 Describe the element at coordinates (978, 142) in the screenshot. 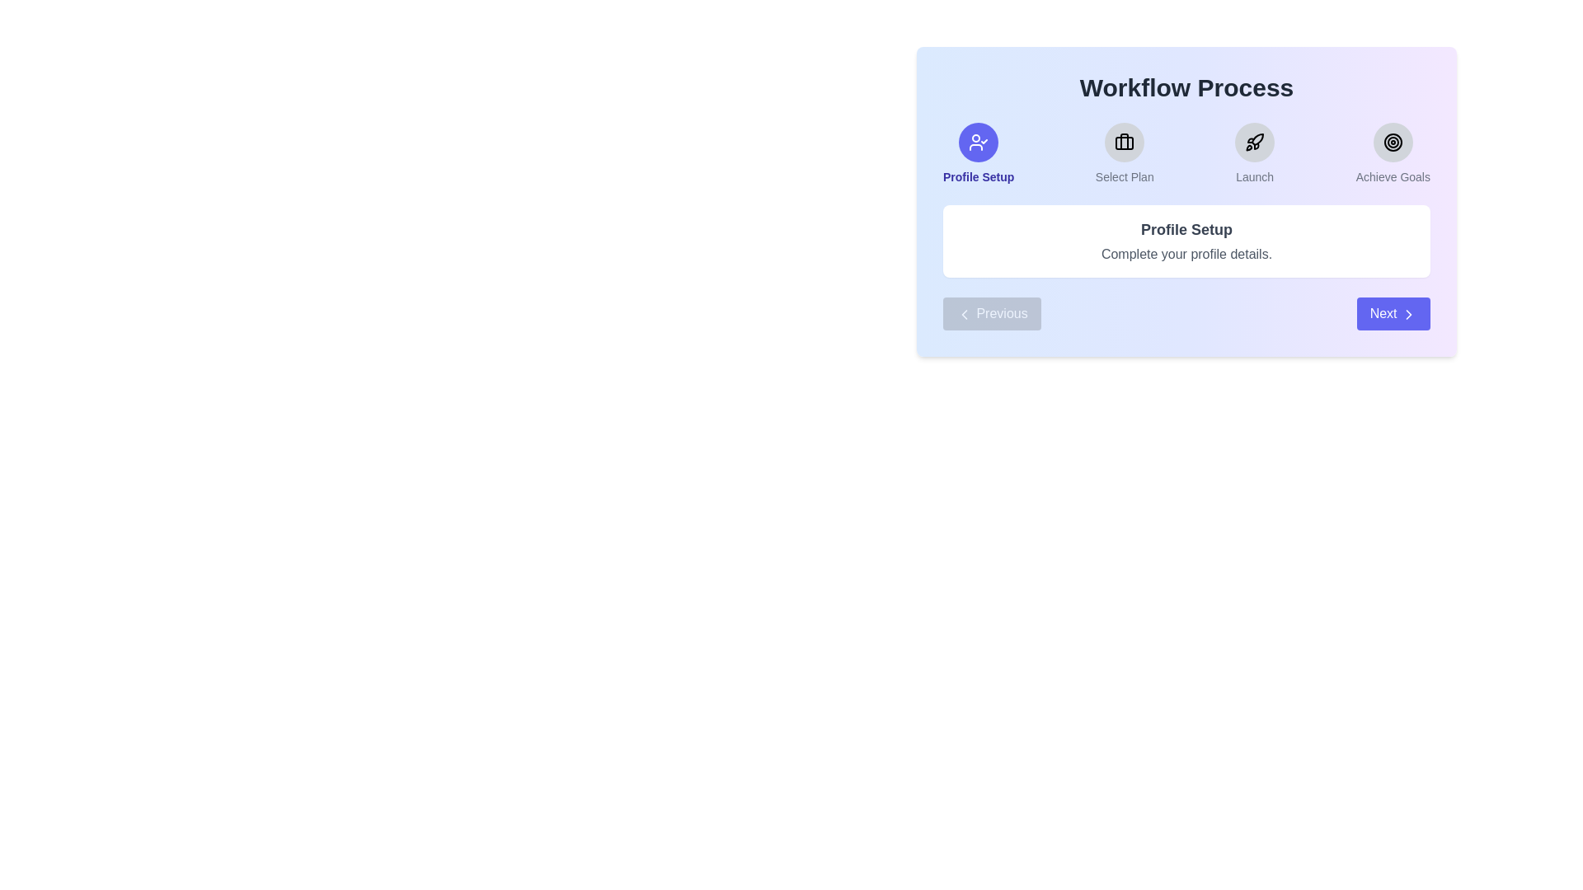

I see `the current step indicator to highlight the graphical representation of the current workflow step` at that location.